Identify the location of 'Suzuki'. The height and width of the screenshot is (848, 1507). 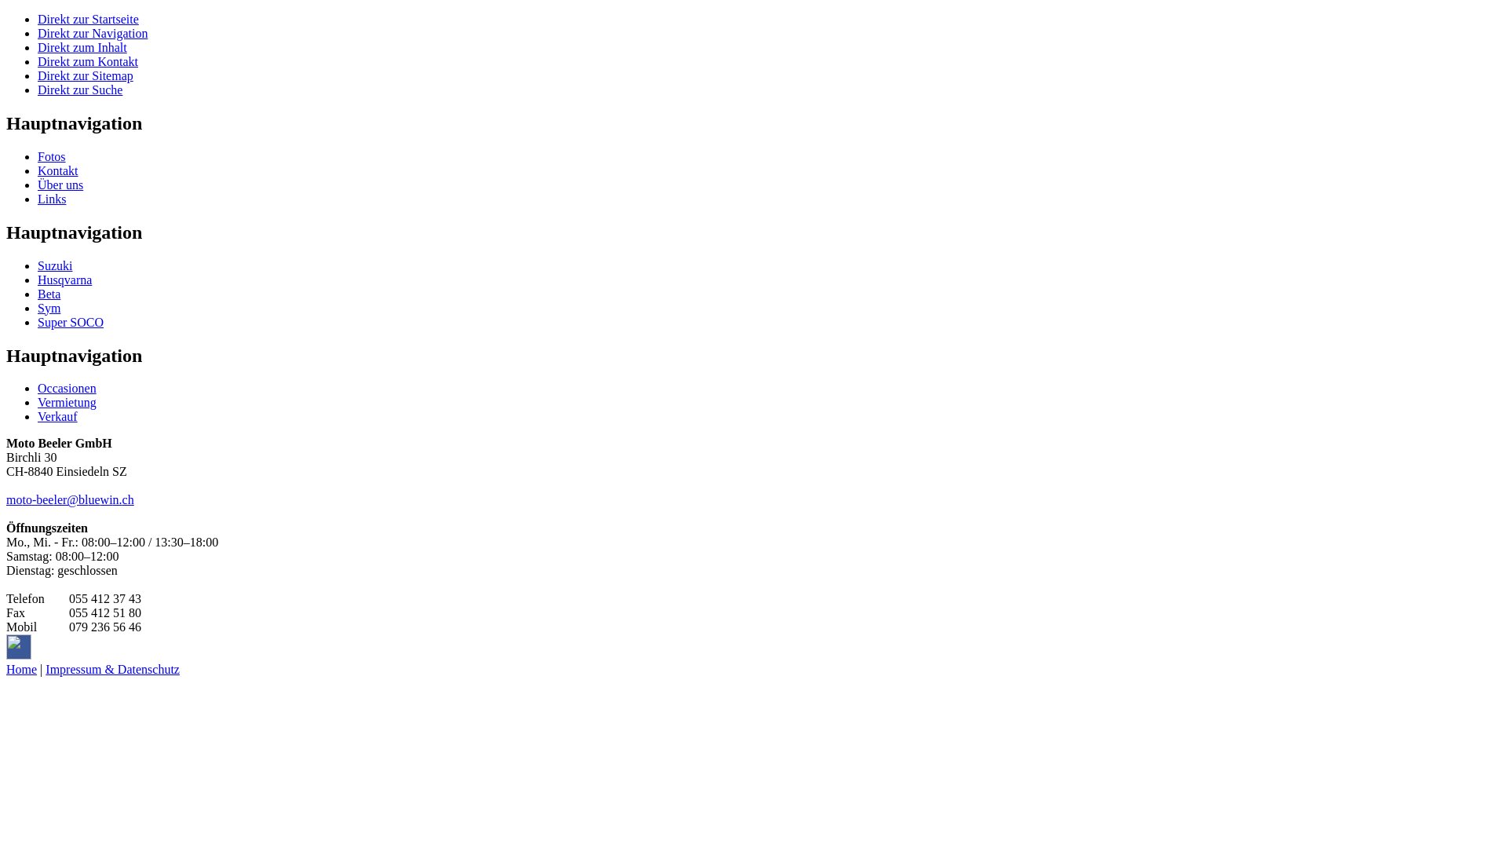
(38, 265).